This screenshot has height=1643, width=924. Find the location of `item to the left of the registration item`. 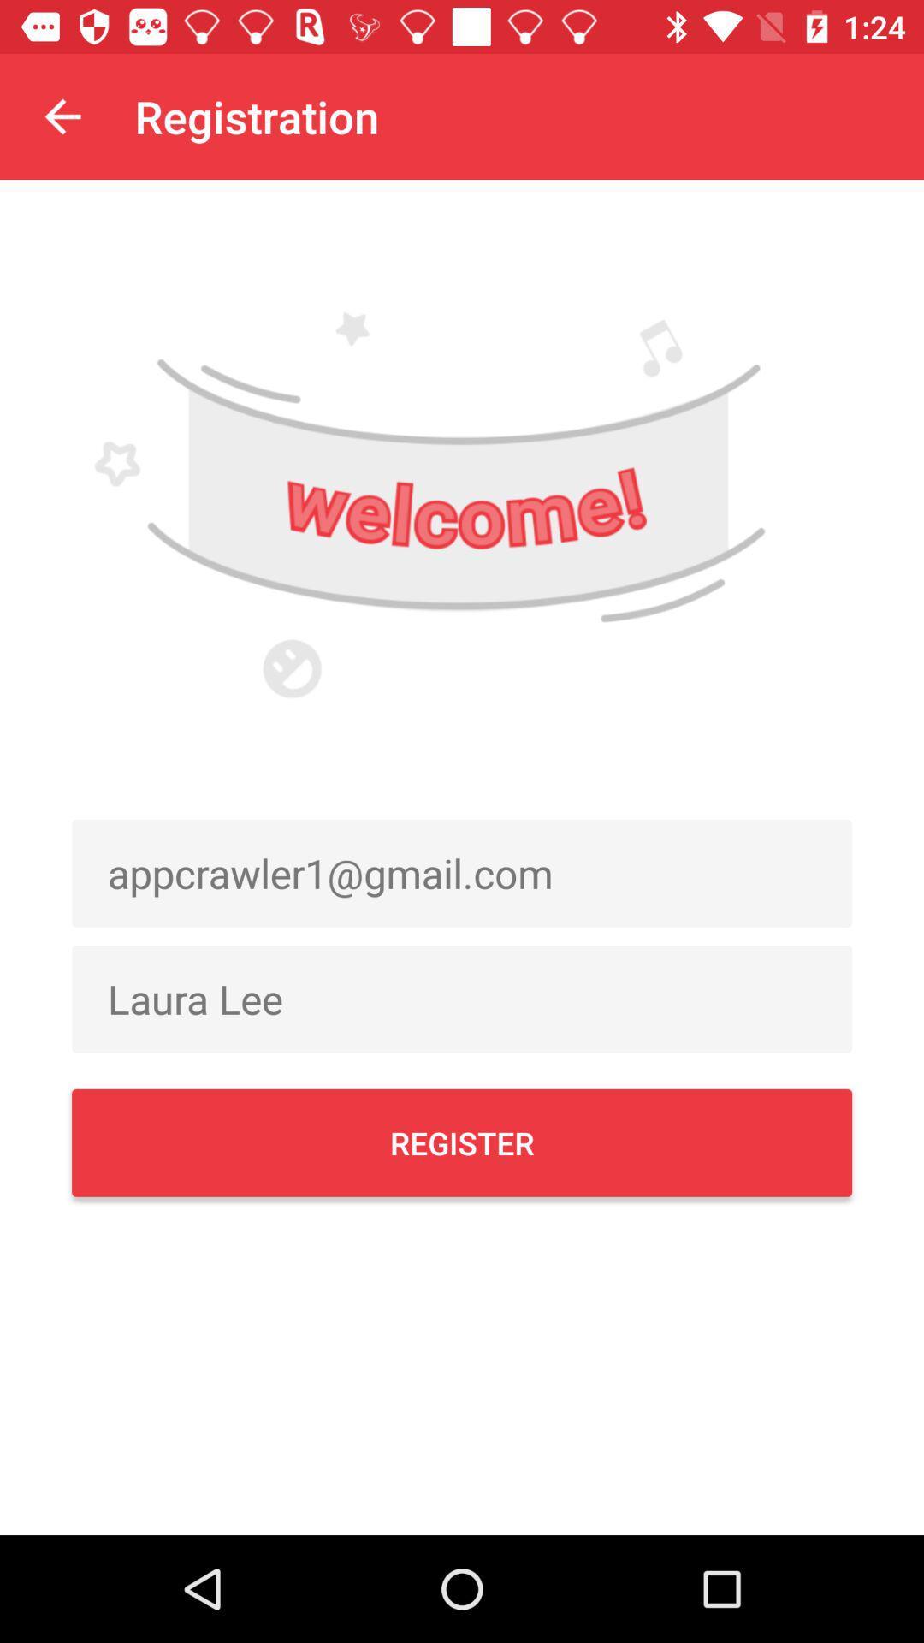

item to the left of the registration item is located at coordinates (62, 116).